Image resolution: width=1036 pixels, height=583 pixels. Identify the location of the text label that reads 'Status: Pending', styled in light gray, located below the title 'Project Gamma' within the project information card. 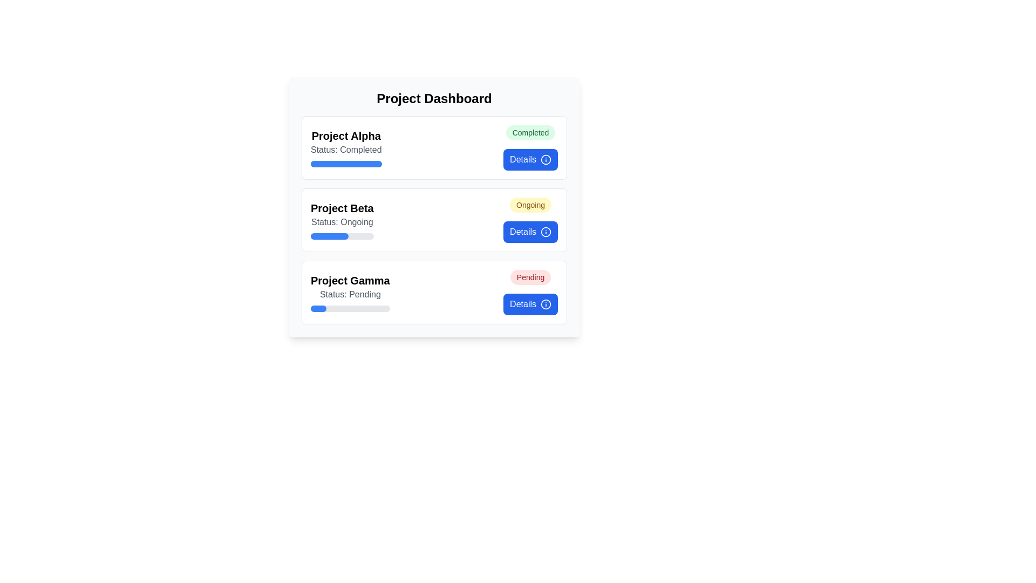
(350, 295).